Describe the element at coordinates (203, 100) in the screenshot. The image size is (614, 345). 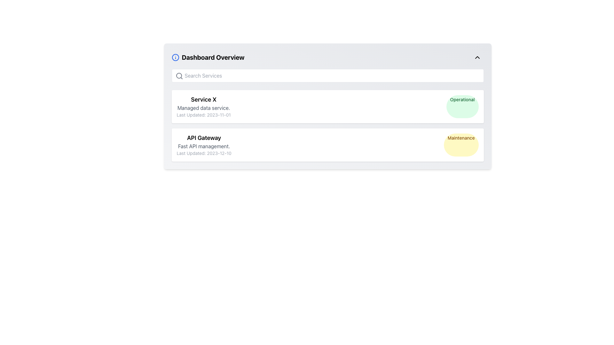
I see `the Text Label that serves as a header for the service entry in the Dashboard Overview section, positioned above 'Managed data service.' and 'Last Updated: 2023-11-01'` at that location.